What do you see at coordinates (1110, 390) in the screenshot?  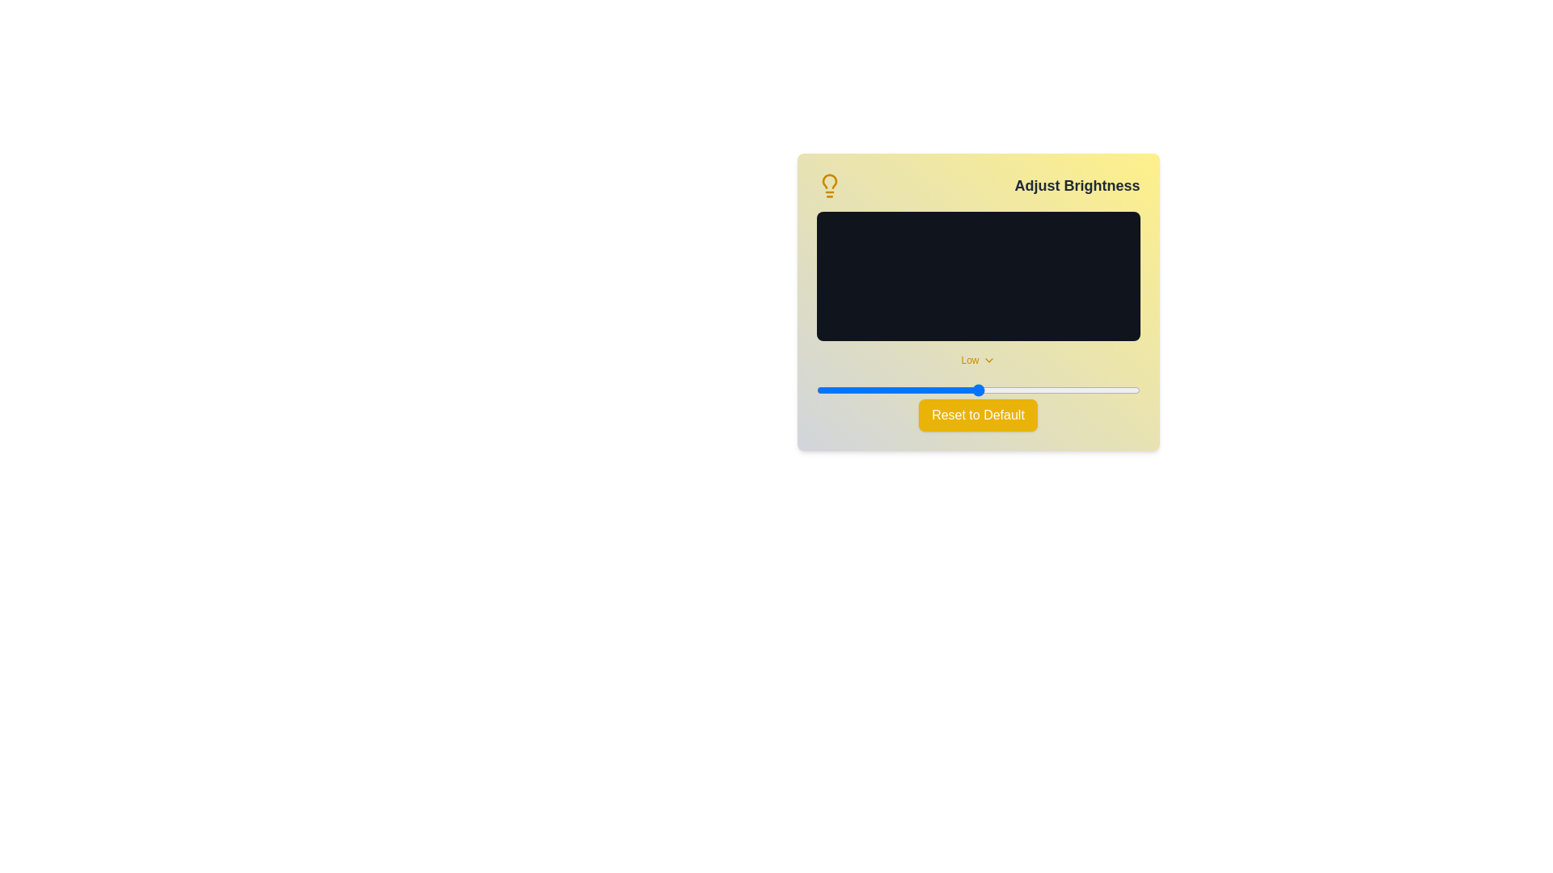 I see `the brightness slider to 91 percent` at bounding box center [1110, 390].